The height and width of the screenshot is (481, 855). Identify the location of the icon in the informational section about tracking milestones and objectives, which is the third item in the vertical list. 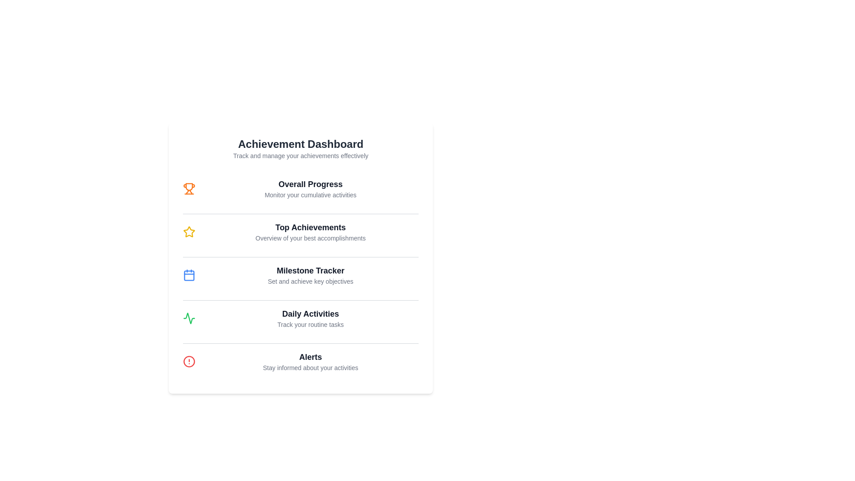
(301, 274).